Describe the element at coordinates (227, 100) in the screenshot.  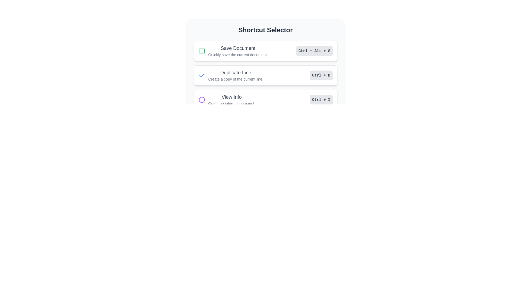
I see `the Informative widget, which combines an icon and text` at that location.